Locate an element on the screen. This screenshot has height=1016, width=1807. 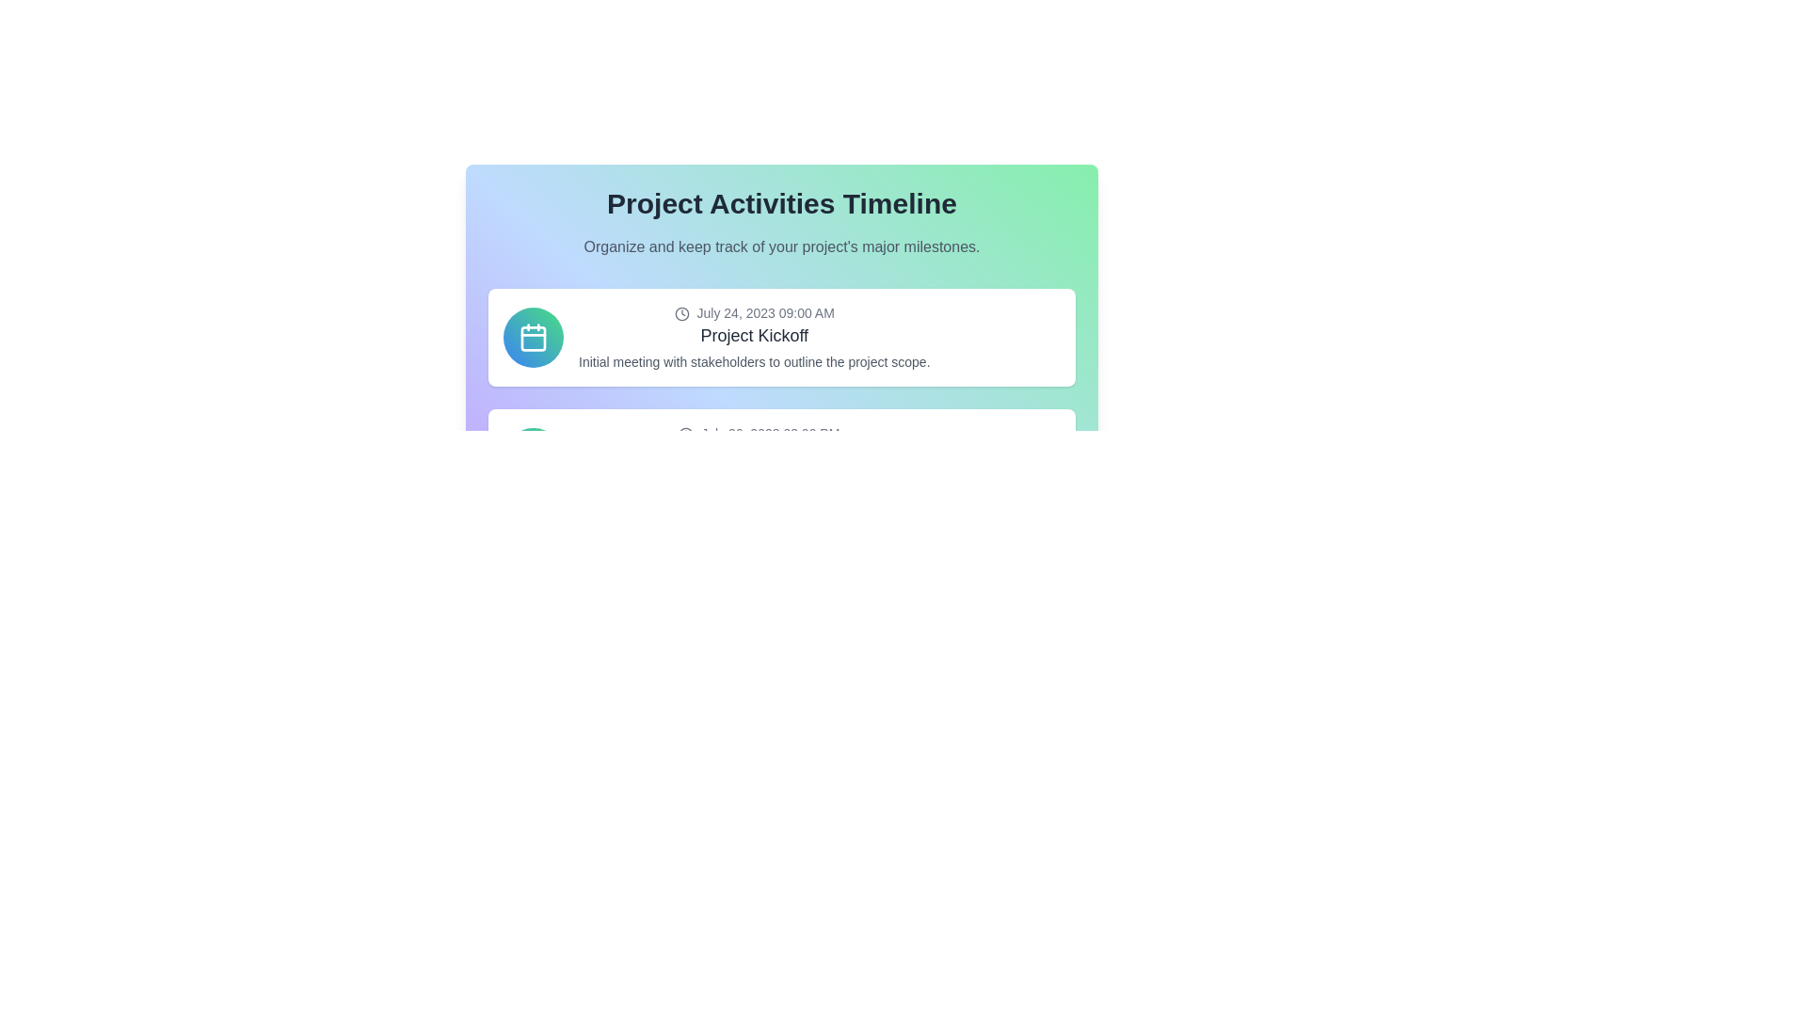
the circular SVG component that forms part of the clock icon located adjacent to the text 'July 24, 2023 09:00 AM' in the top panel of the timeline interface is located at coordinates (680, 313).